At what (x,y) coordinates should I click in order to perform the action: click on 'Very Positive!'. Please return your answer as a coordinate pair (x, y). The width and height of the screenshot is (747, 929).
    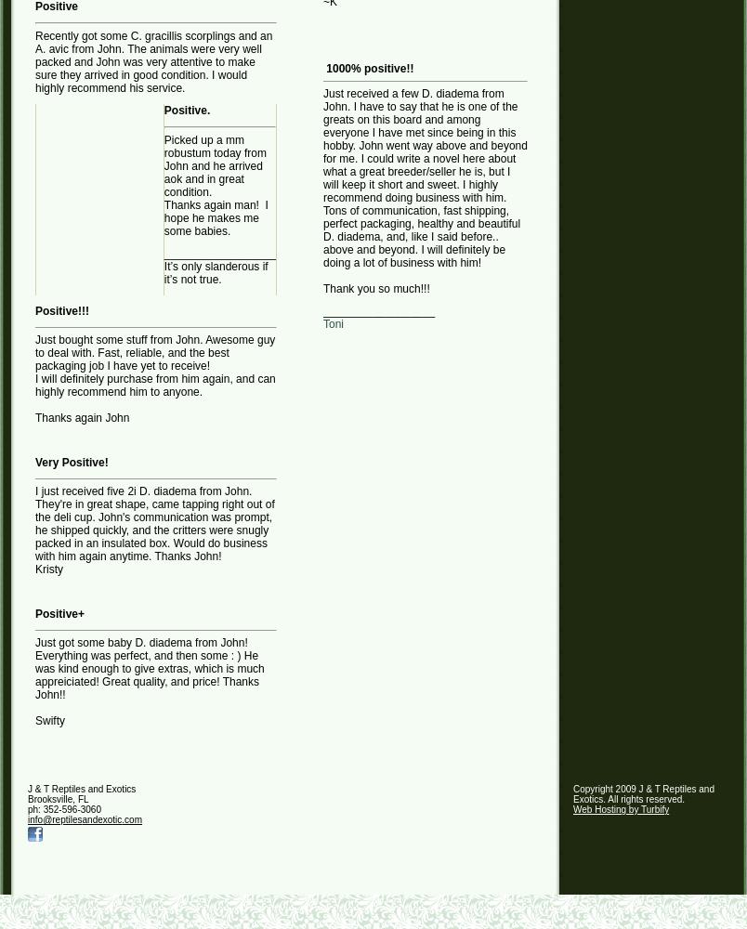
    Looking at the image, I should click on (35, 462).